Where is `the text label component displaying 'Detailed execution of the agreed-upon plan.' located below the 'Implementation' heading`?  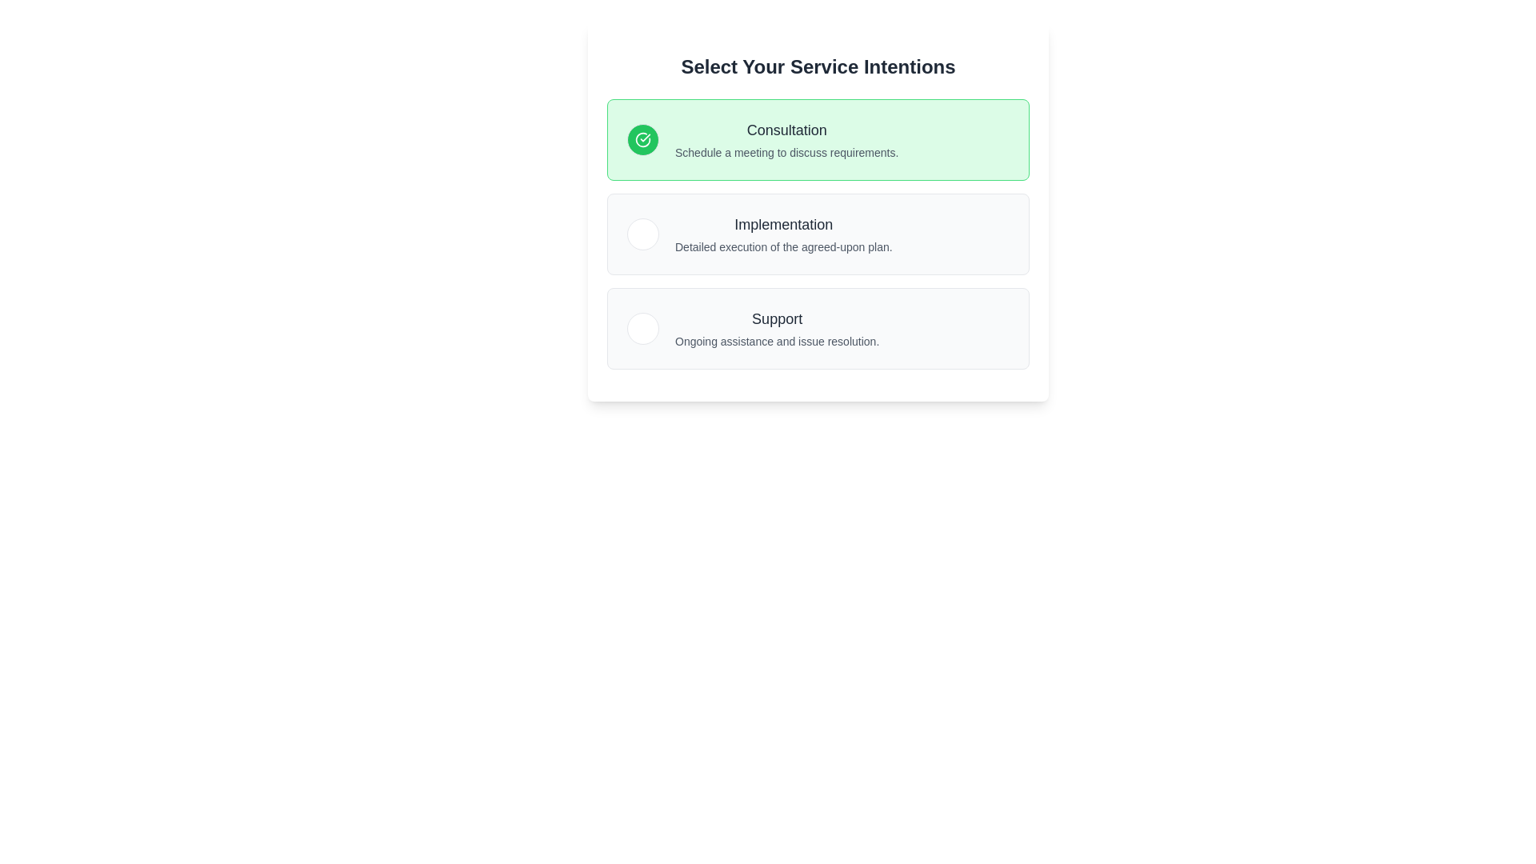
the text label component displaying 'Detailed execution of the agreed-upon plan.' located below the 'Implementation' heading is located at coordinates (783, 246).